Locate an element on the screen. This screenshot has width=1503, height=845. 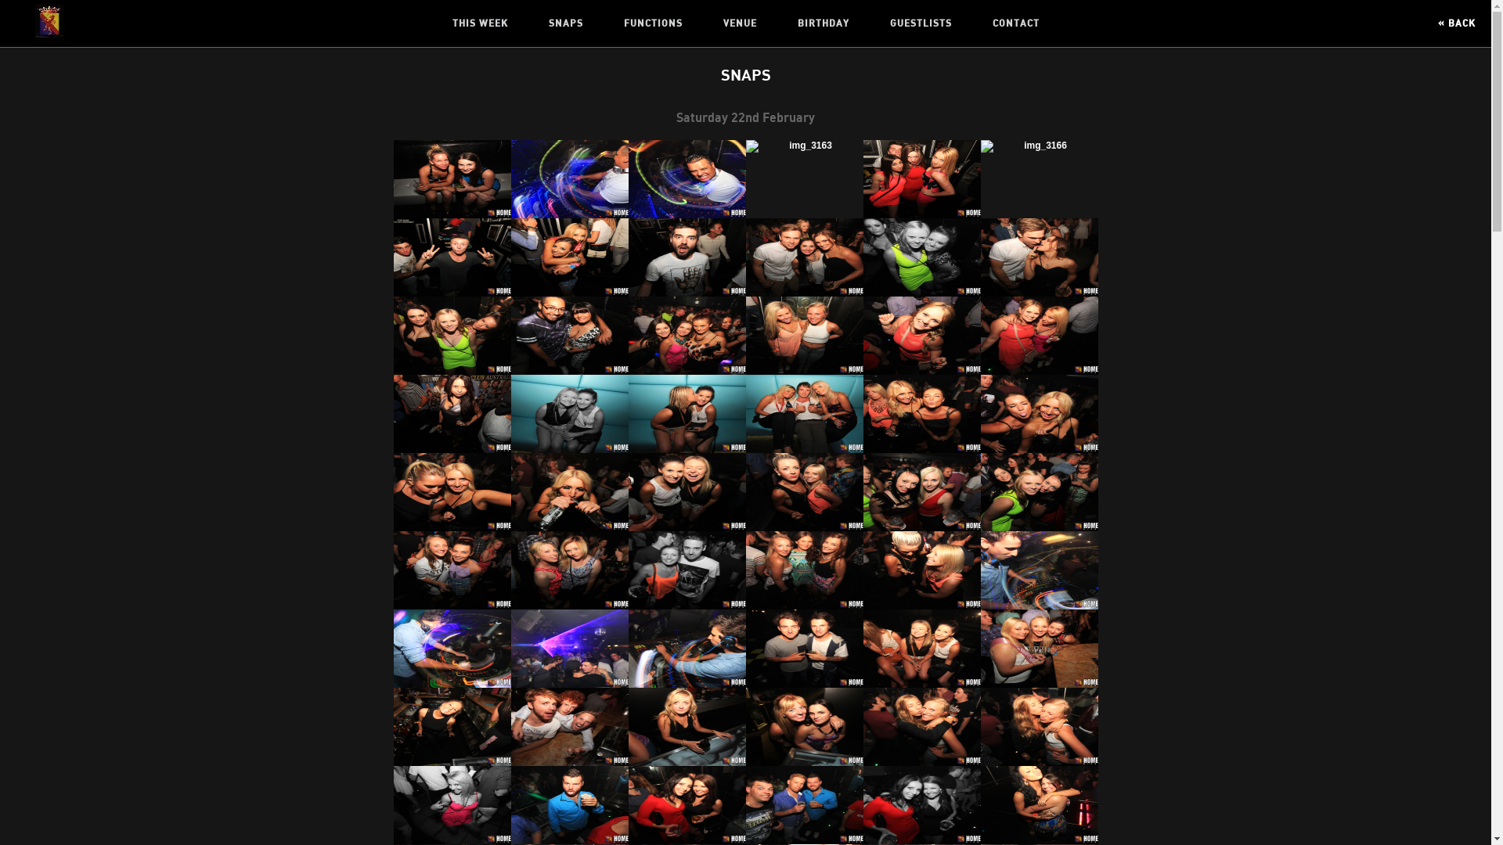
' ' is located at coordinates (744, 570).